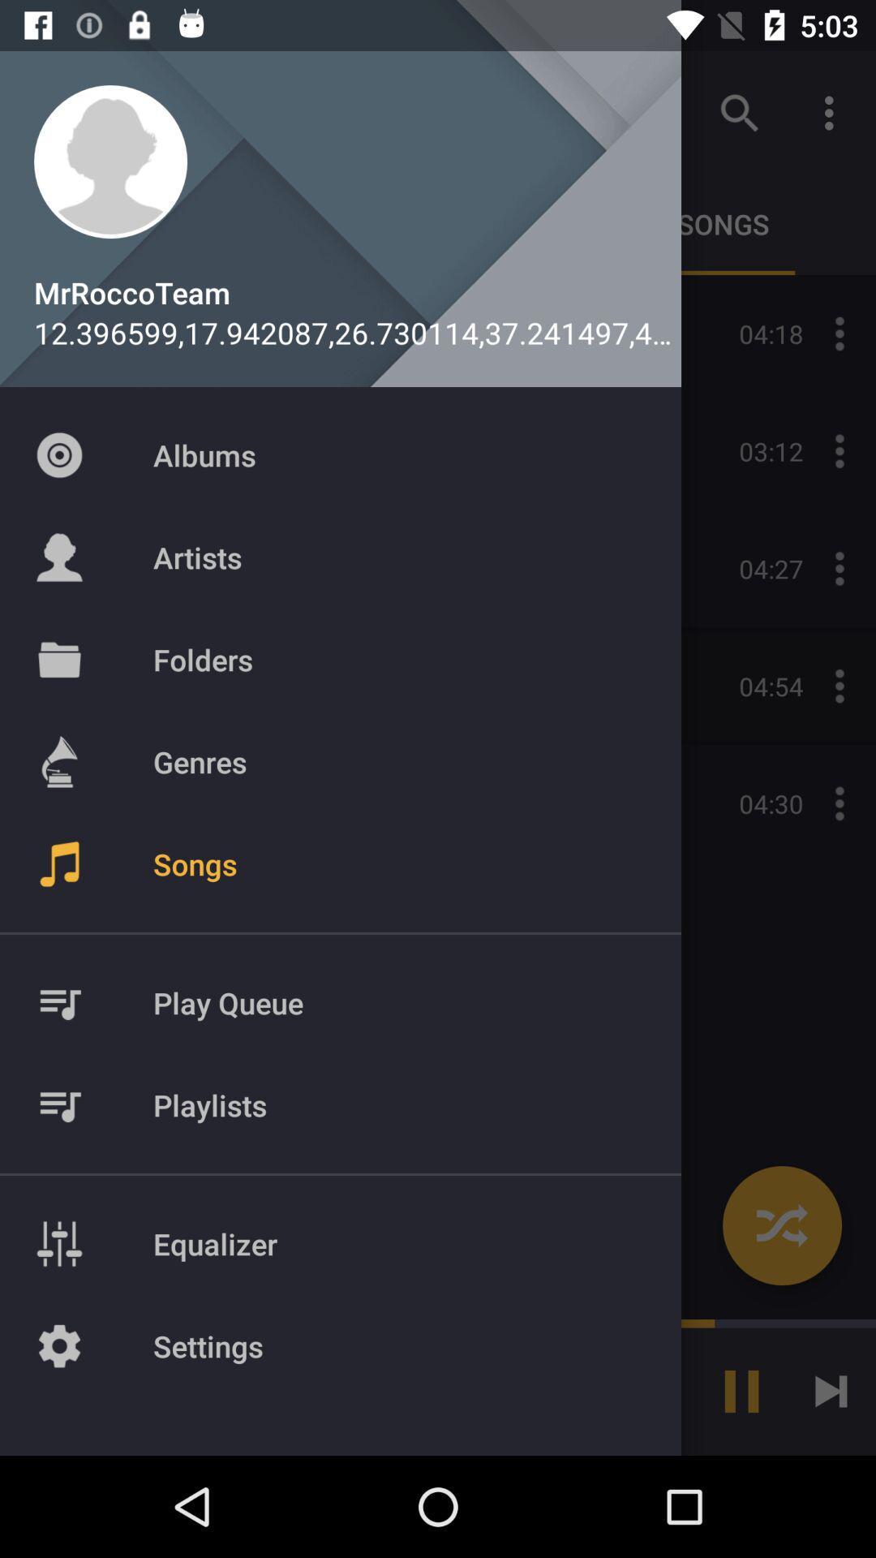 The width and height of the screenshot is (876, 1558). What do you see at coordinates (741, 1390) in the screenshot?
I see `the pause icon` at bounding box center [741, 1390].